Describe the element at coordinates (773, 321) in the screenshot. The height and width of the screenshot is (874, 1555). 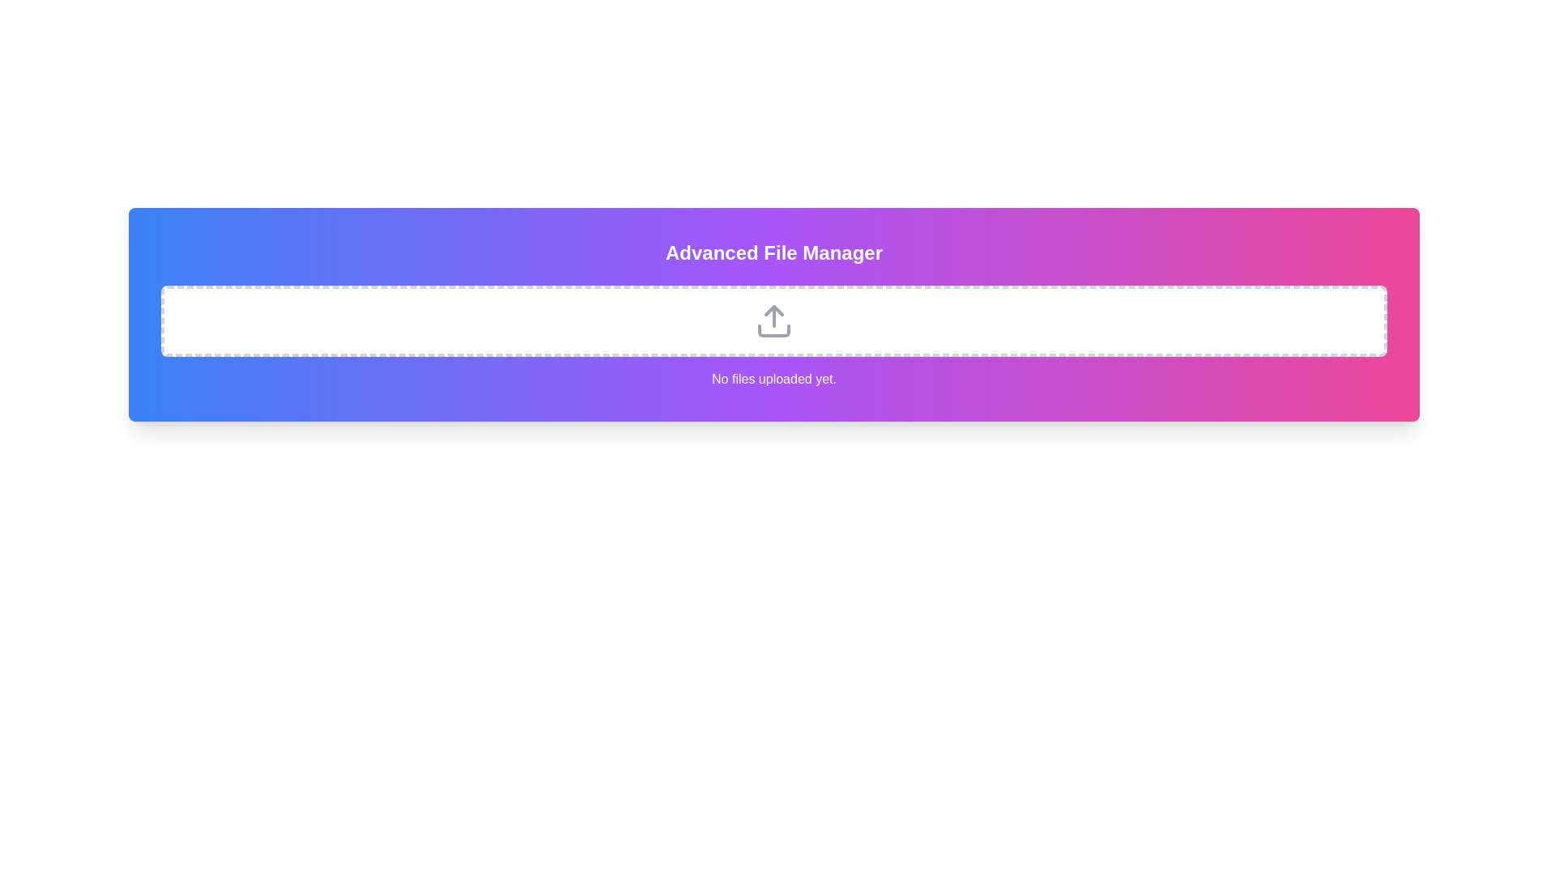
I see `the interactive file upload area, which is a white rectangular area with dashed gray borders and an upload icon` at that location.